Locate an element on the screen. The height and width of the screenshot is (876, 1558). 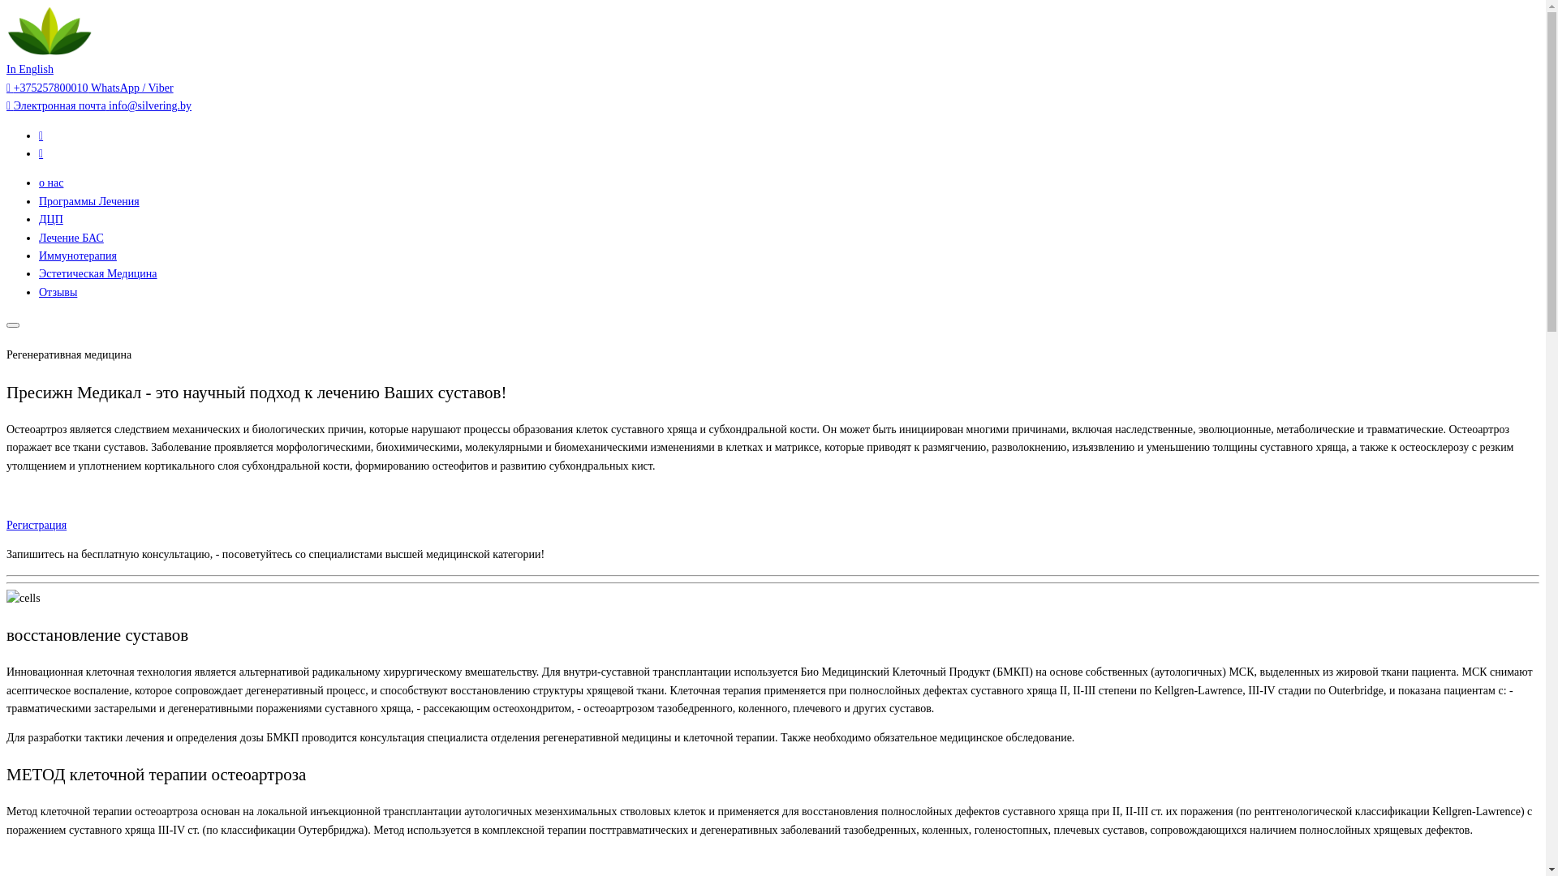
'+375257800010 WhatsApp / Viber' is located at coordinates (88, 88).